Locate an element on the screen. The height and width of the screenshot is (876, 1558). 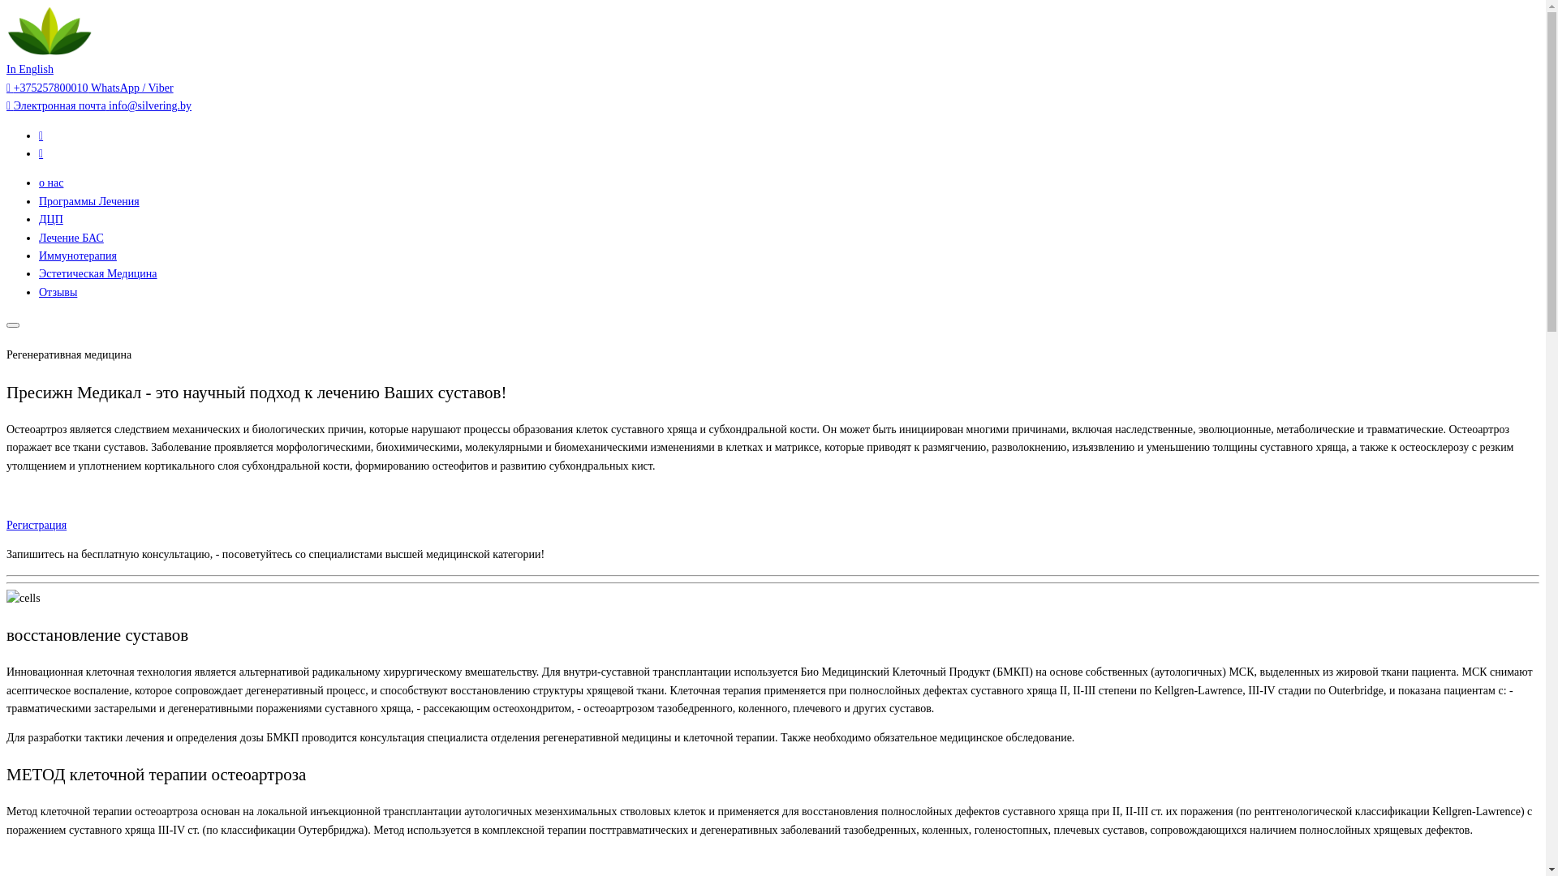
'+375257800010 WhatsApp / Viber' is located at coordinates (88, 88).